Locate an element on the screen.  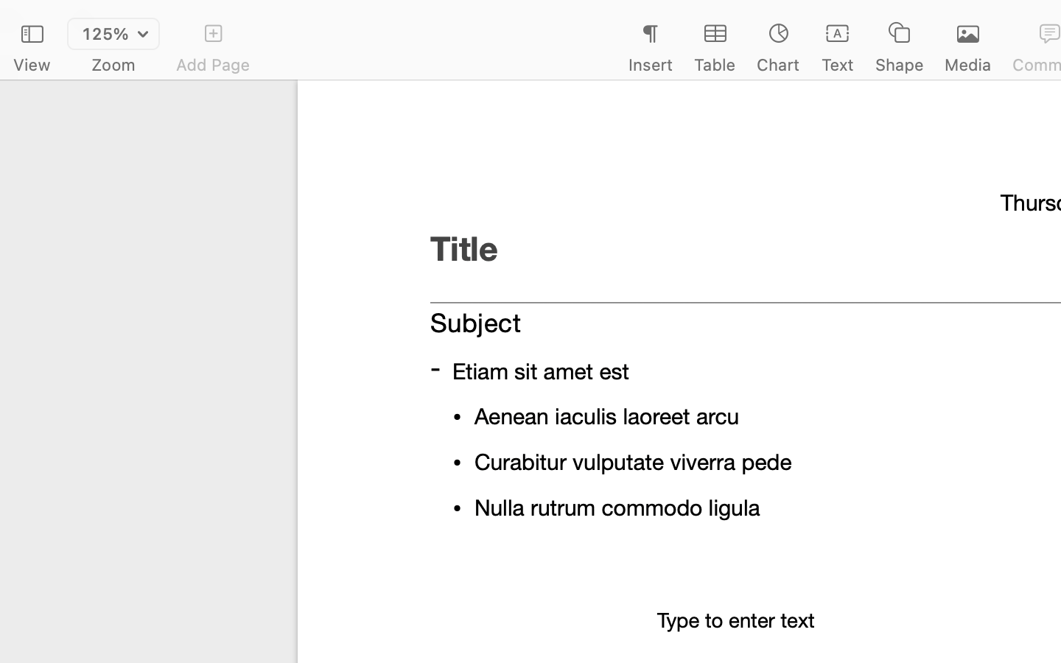
'Zoom' is located at coordinates (112, 64).